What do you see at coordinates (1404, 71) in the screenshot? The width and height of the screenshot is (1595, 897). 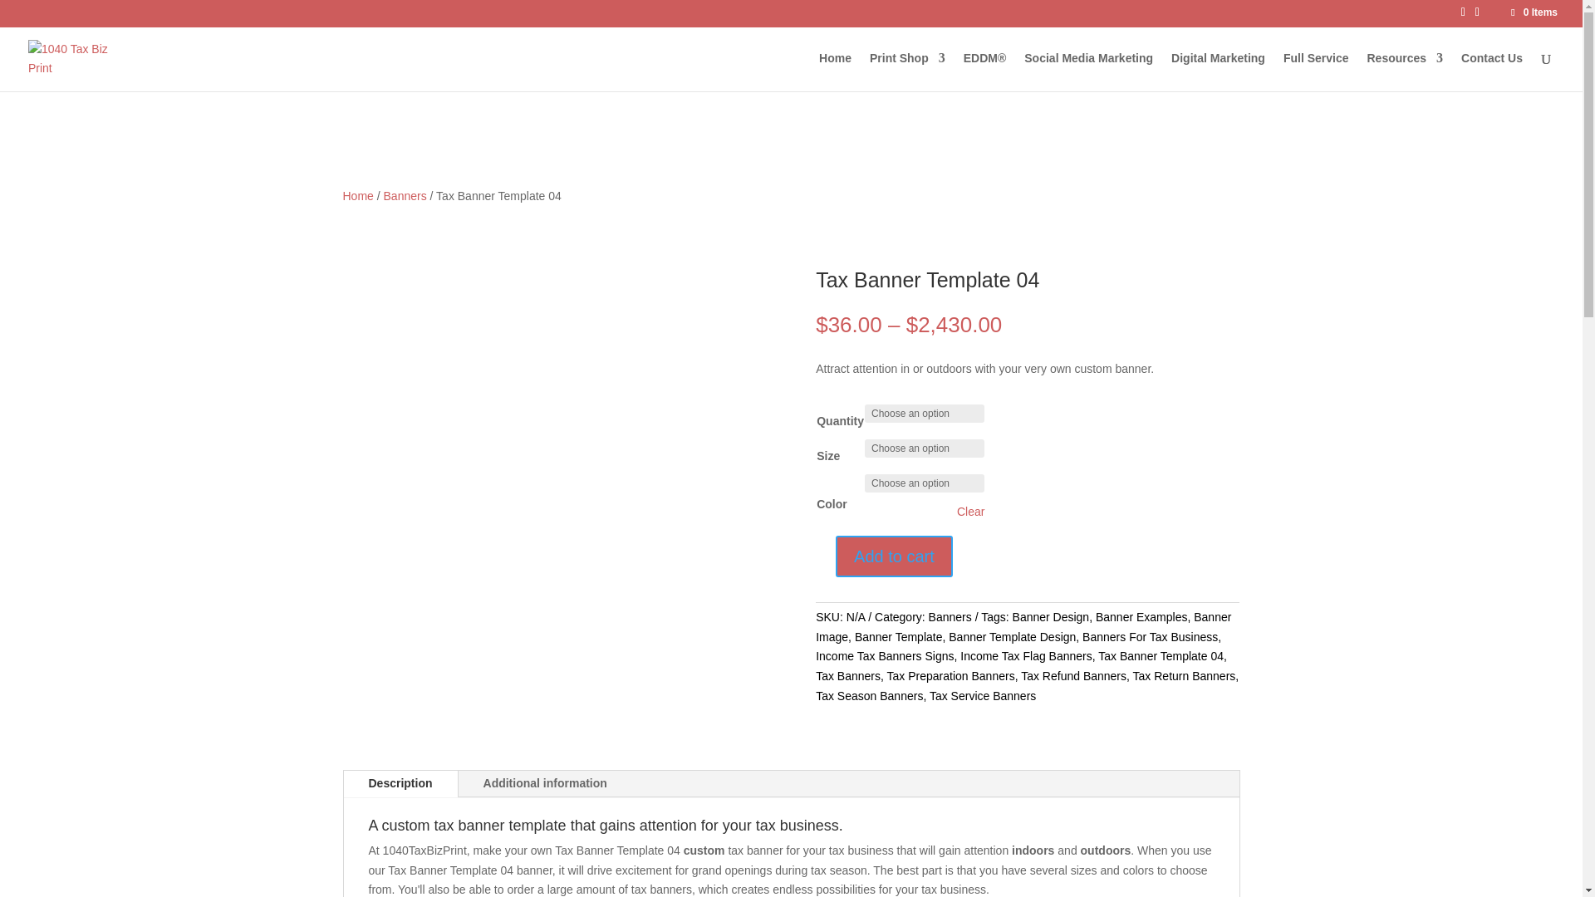 I see `'Resources'` at bounding box center [1404, 71].